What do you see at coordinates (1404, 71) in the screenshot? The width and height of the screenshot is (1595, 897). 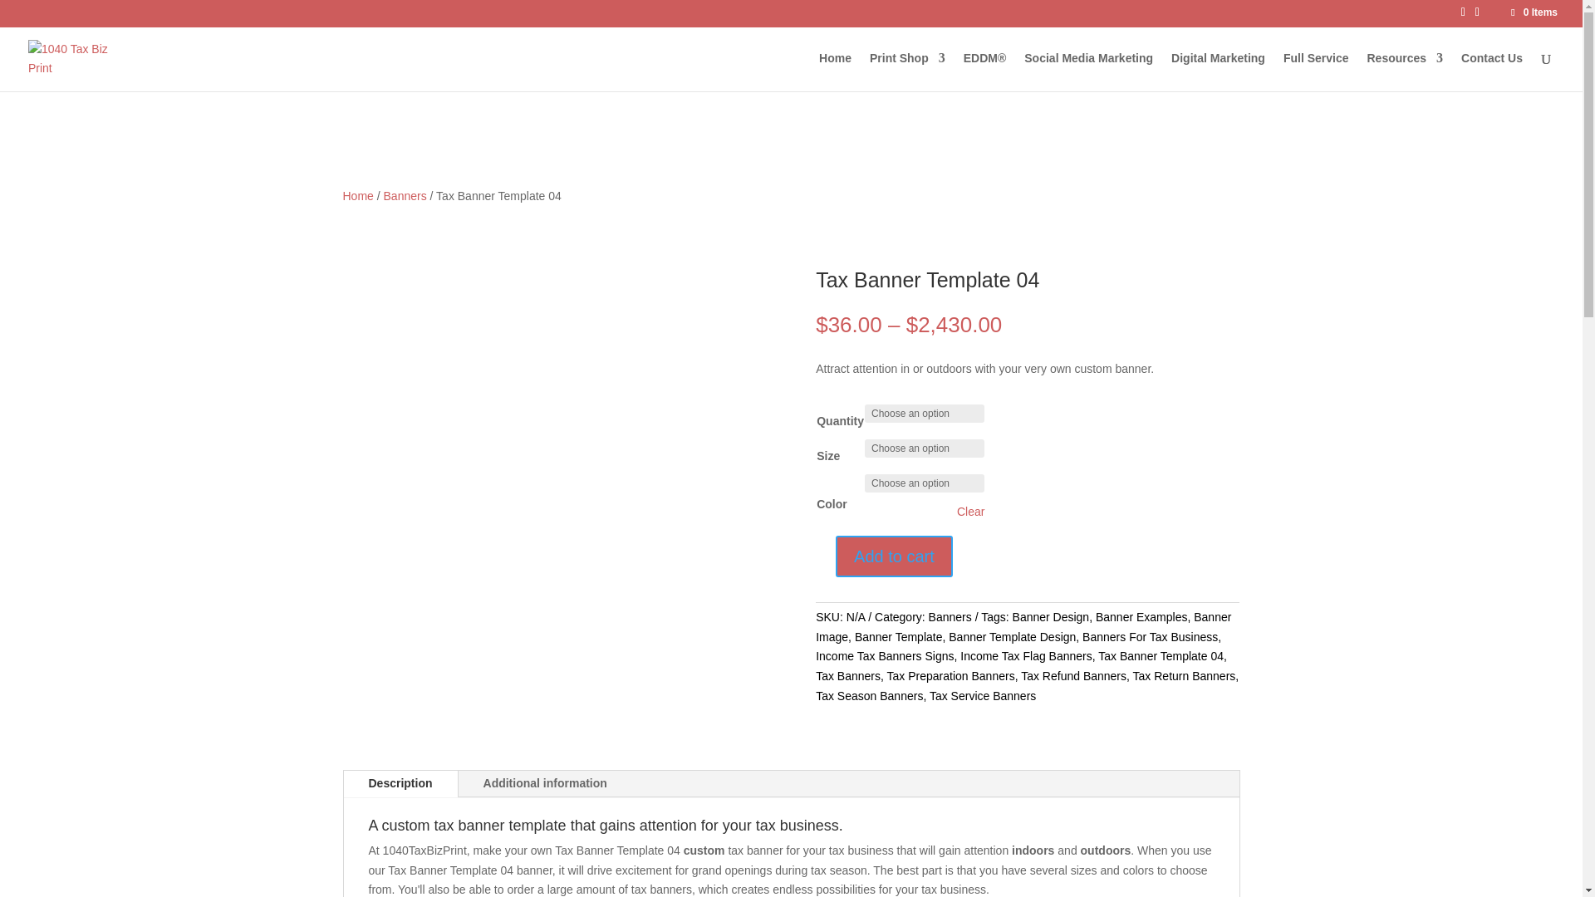 I see `'Resources'` at bounding box center [1404, 71].